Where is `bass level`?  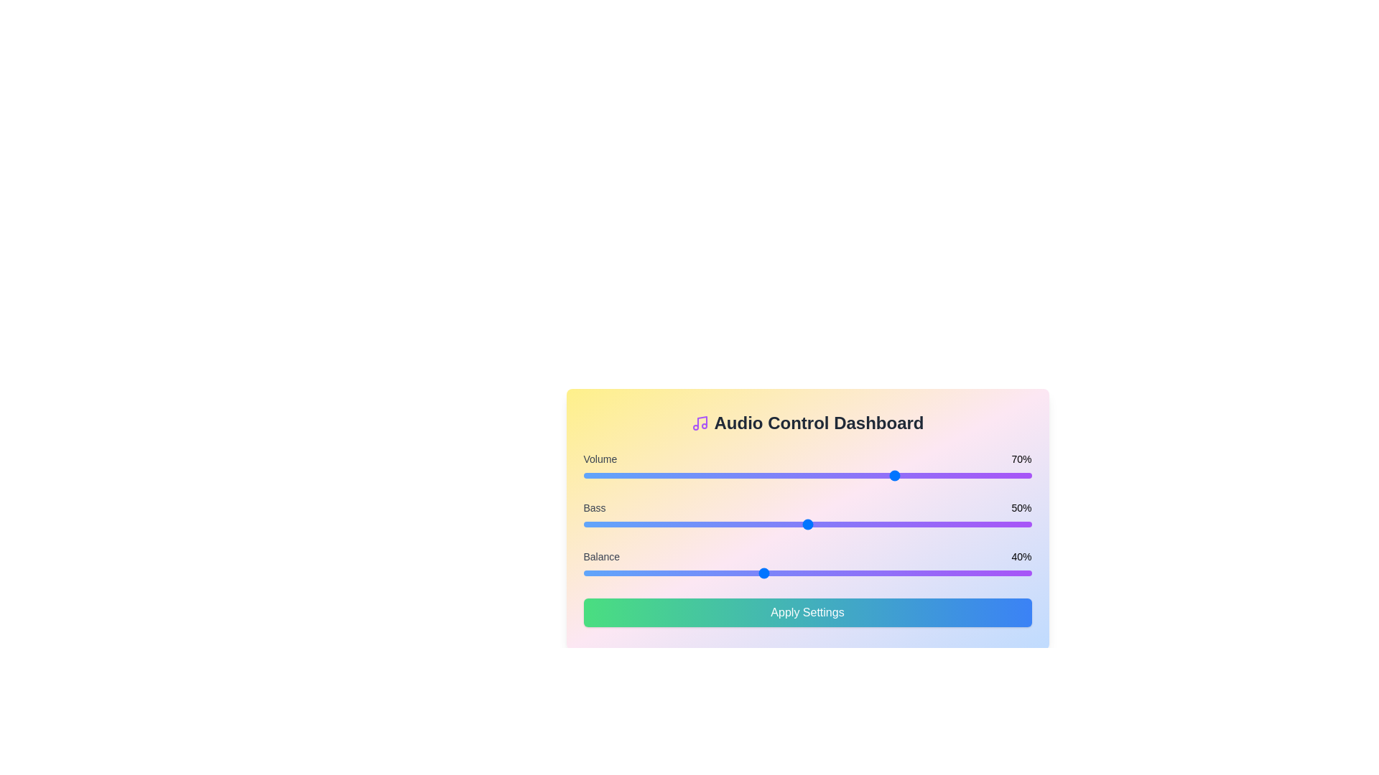
bass level is located at coordinates (672, 525).